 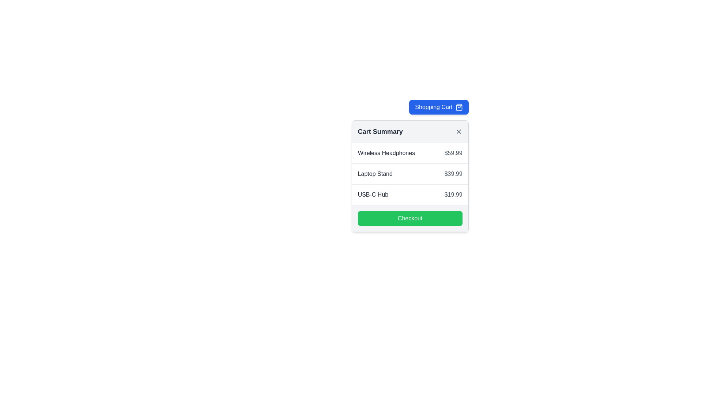 I want to click on the Text label that describes the shopping cart item 'USB-C Hub', located in the Cart Summary section, so click(x=373, y=194).